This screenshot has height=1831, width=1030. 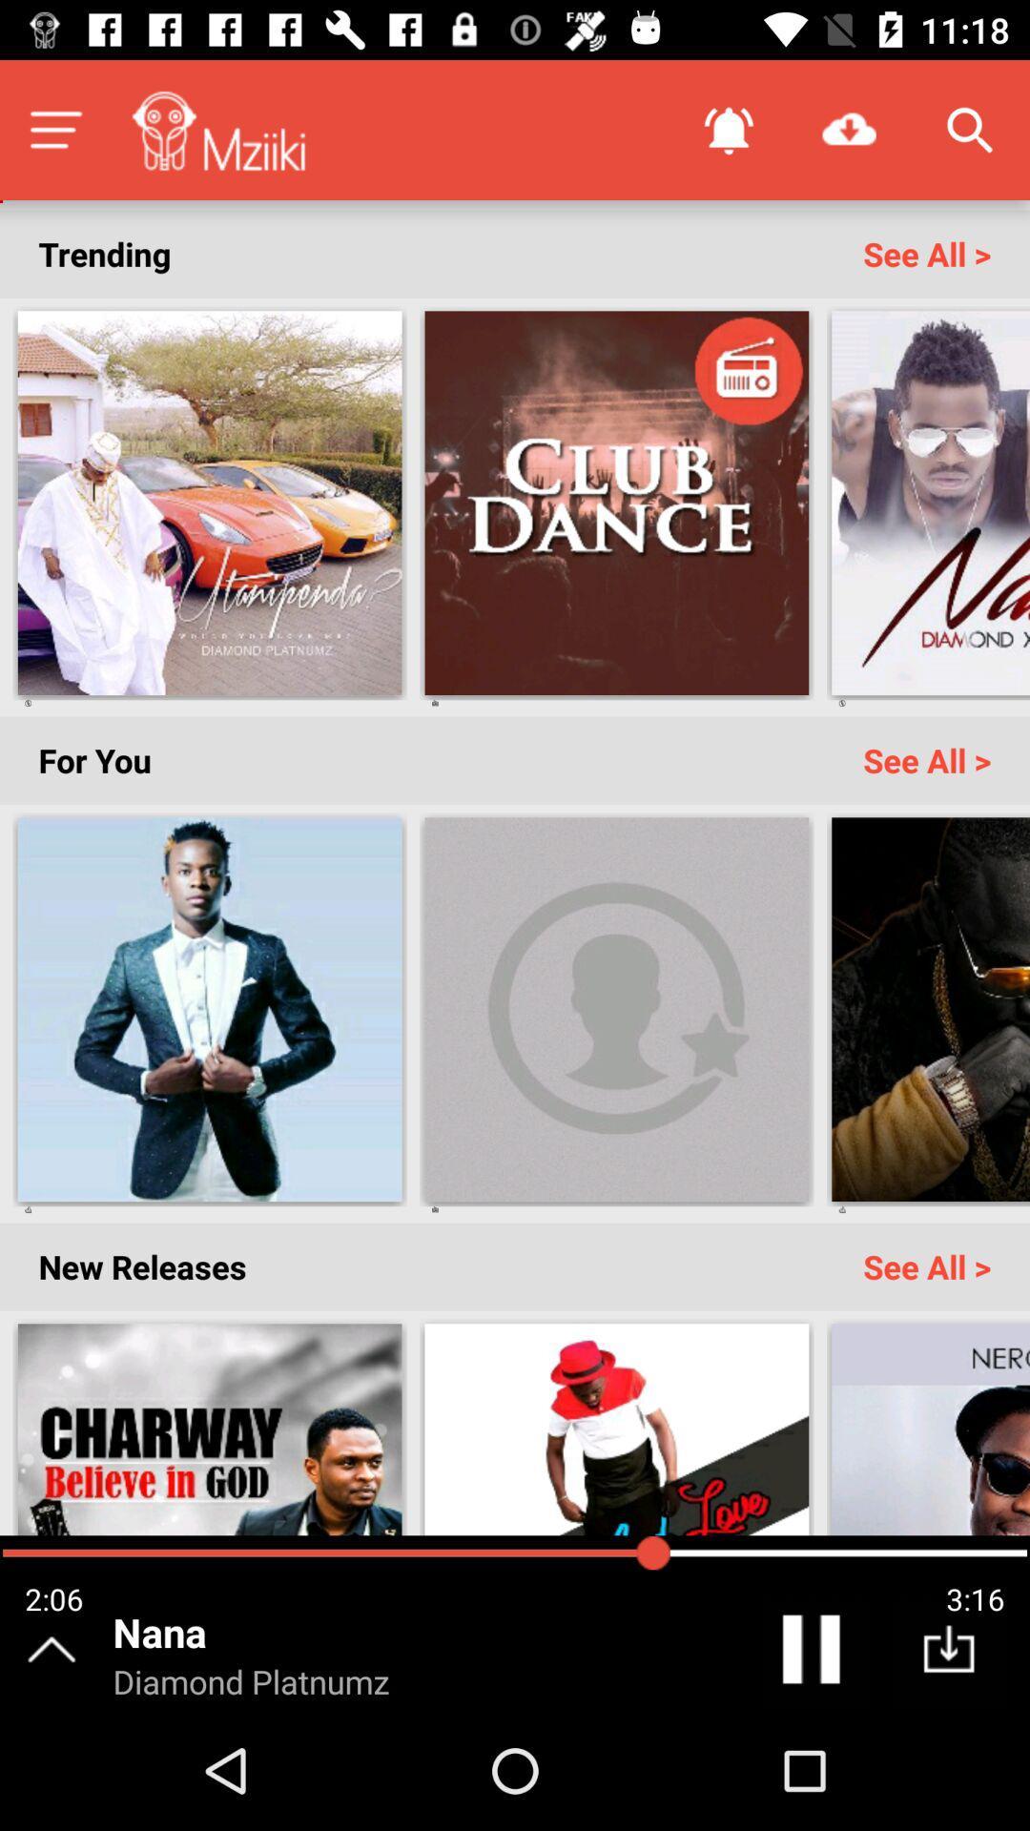 What do you see at coordinates (814, 1653) in the screenshot?
I see `pause the song` at bounding box center [814, 1653].